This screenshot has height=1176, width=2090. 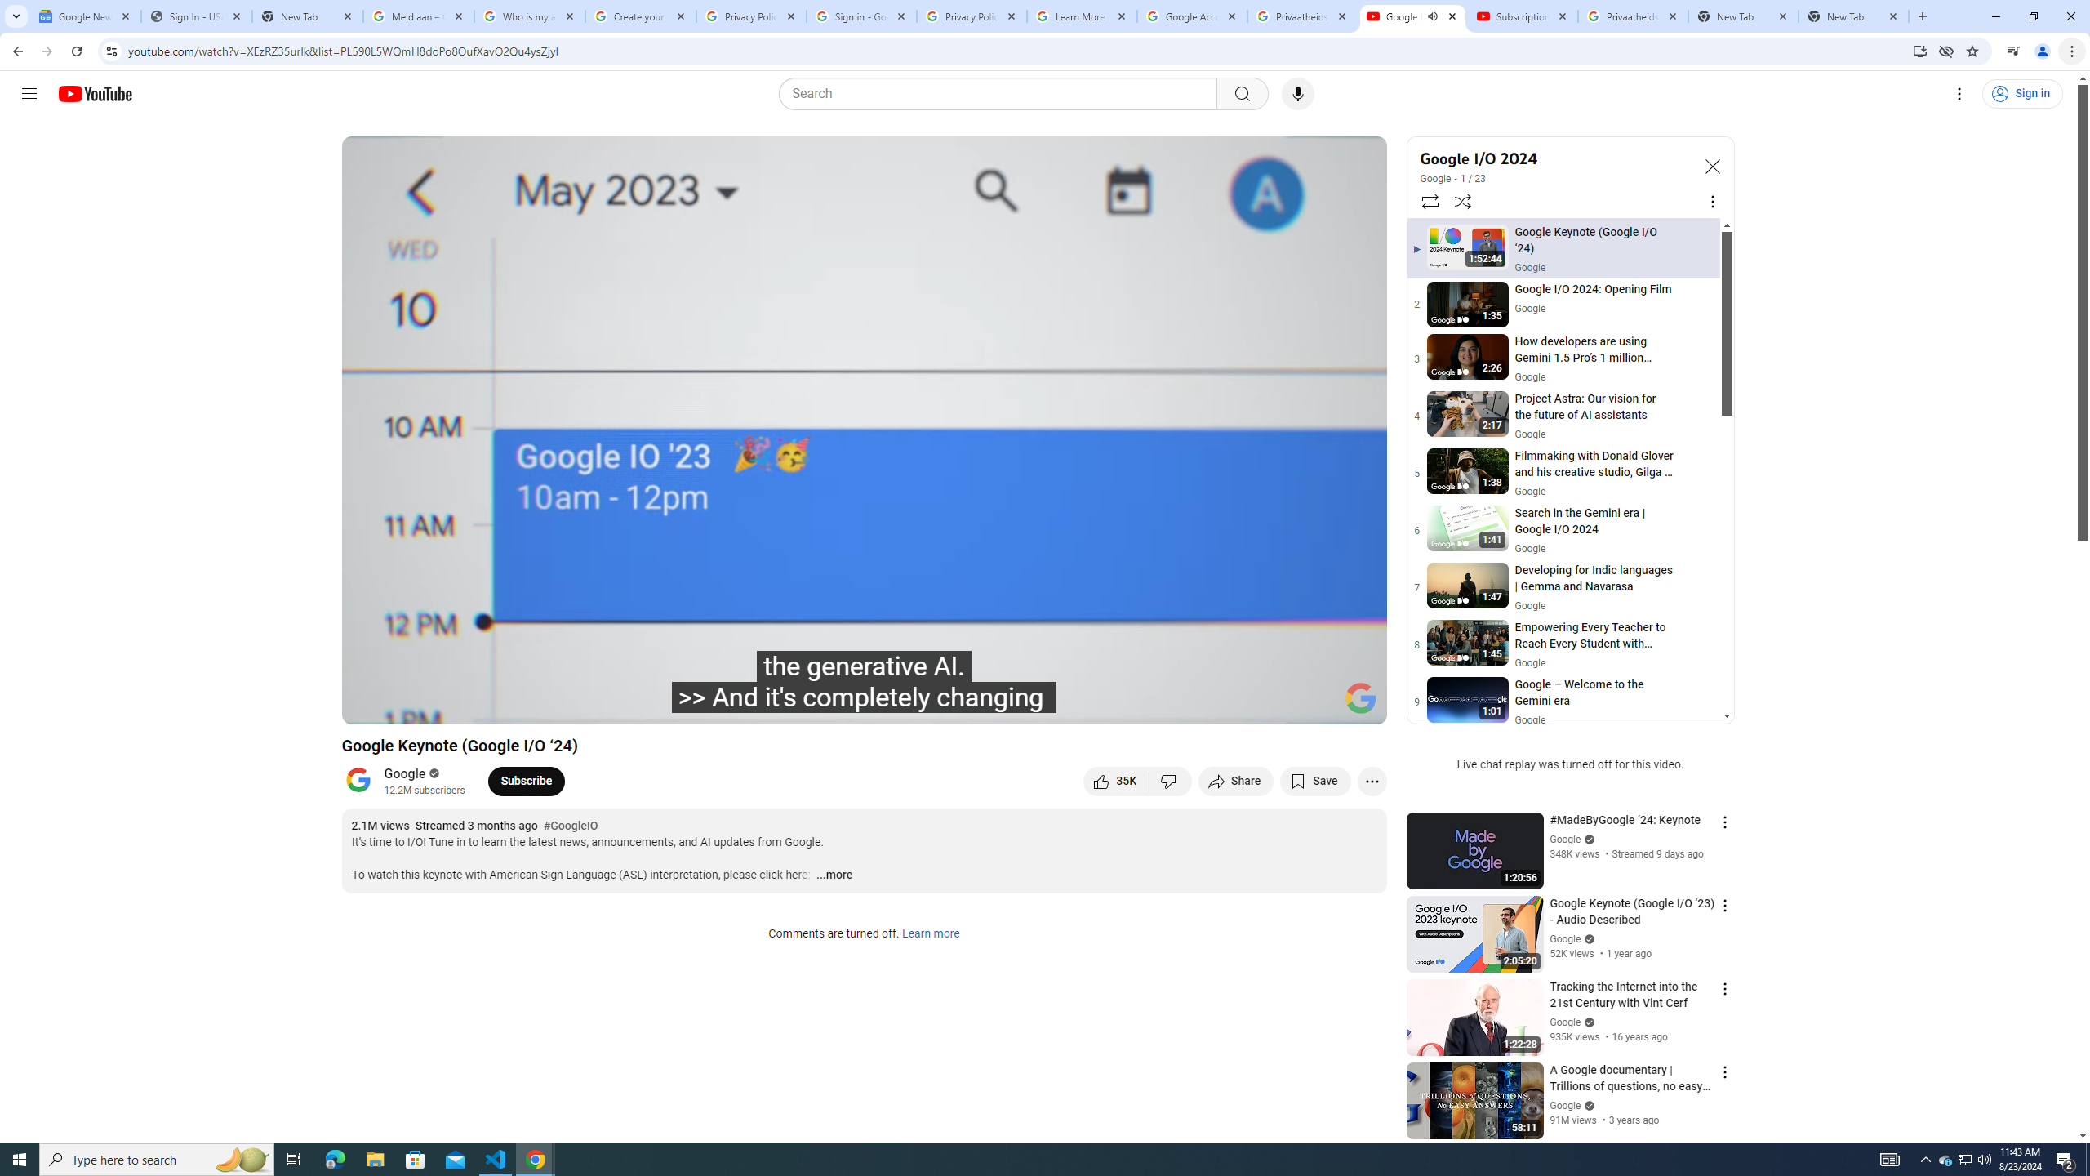 I want to click on 'Show cards', so click(x=1362, y=153).